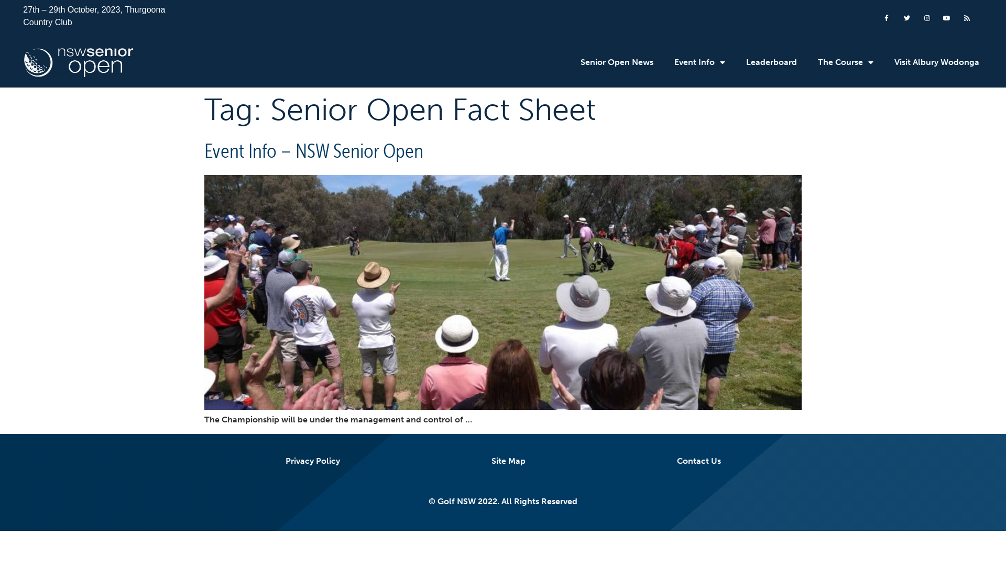 Image resolution: width=1006 pixels, height=566 pixels. Describe the element at coordinates (845, 62) in the screenshot. I see `'The Course'` at that location.